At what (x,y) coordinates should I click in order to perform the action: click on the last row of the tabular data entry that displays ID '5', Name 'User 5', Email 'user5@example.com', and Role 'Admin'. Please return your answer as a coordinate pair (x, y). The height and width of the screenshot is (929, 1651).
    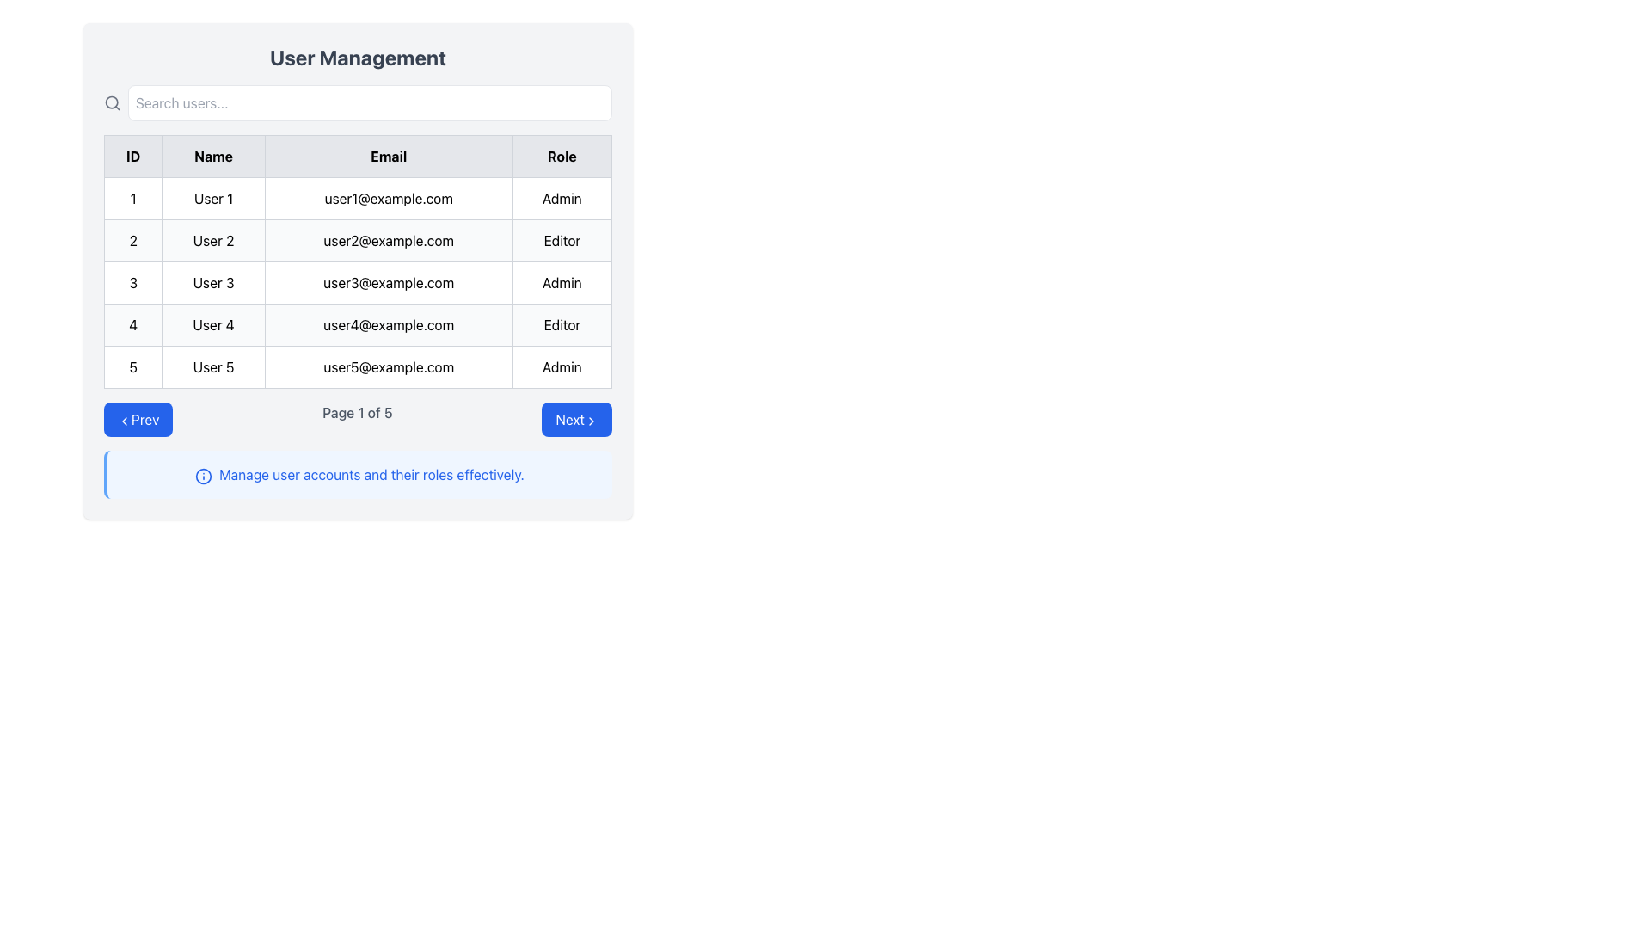
    Looking at the image, I should click on (357, 366).